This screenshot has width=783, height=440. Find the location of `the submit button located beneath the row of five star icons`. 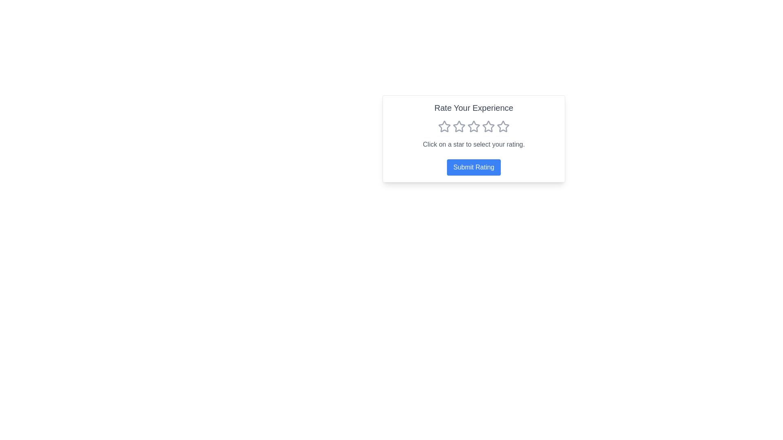

the submit button located beneath the row of five star icons is located at coordinates (473, 167).